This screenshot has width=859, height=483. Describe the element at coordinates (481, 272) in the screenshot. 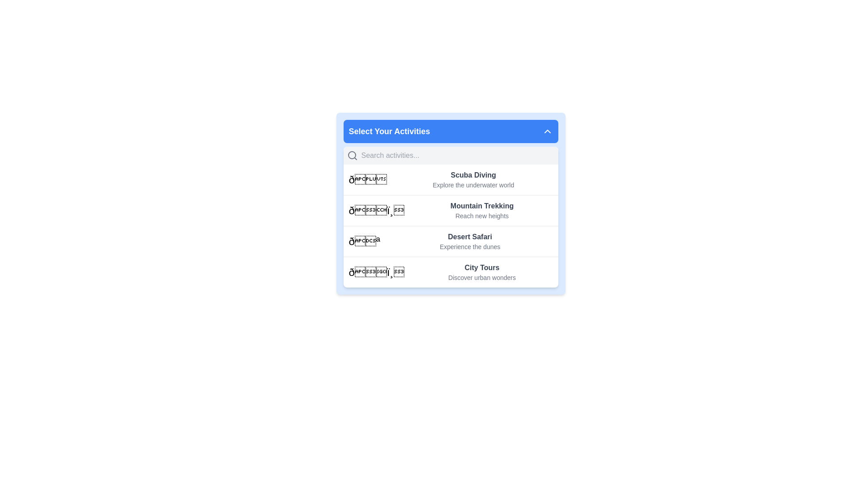

I see `the list item with the text 'City Tours' in bold dark gray font` at that location.